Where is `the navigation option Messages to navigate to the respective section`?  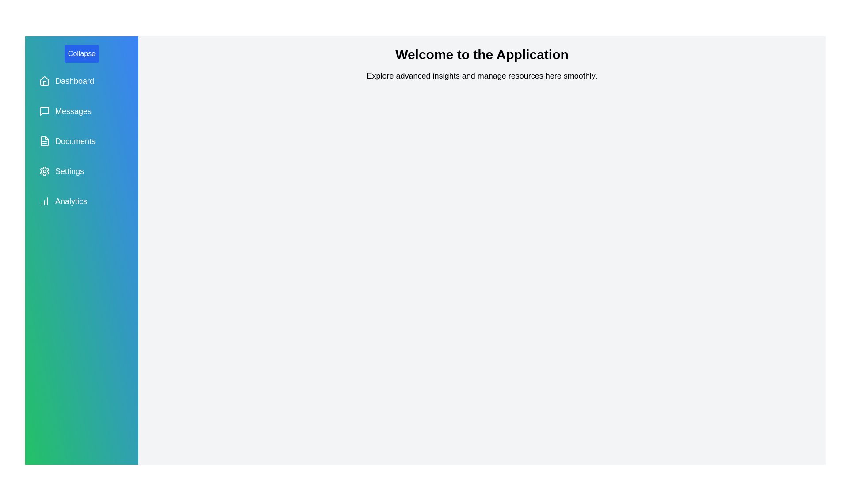
the navigation option Messages to navigate to the respective section is located at coordinates (82, 110).